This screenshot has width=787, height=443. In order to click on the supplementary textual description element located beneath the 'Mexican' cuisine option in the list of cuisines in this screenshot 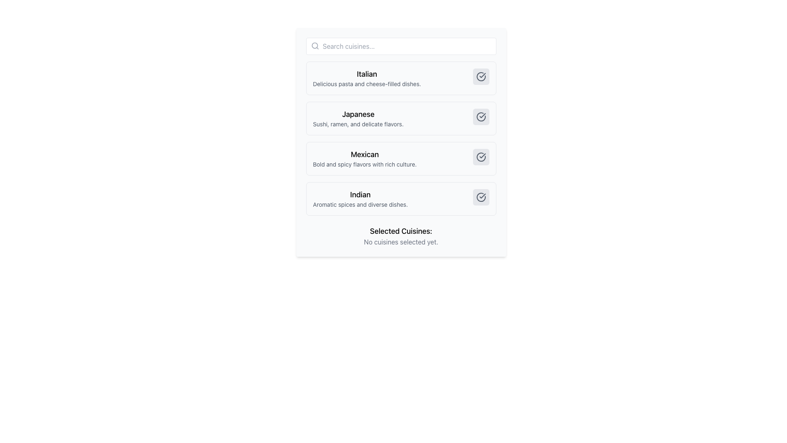, I will do `click(364, 164)`.